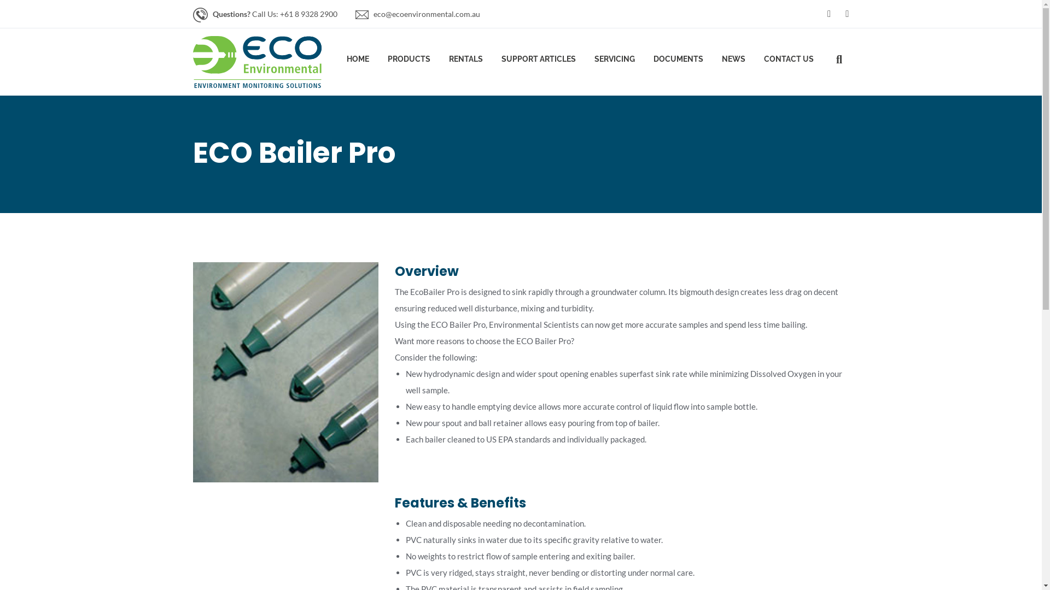  What do you see at coordinates (733, 62) in the screenshot?
I see `'NEWS'` at bounding box center [733, 62].